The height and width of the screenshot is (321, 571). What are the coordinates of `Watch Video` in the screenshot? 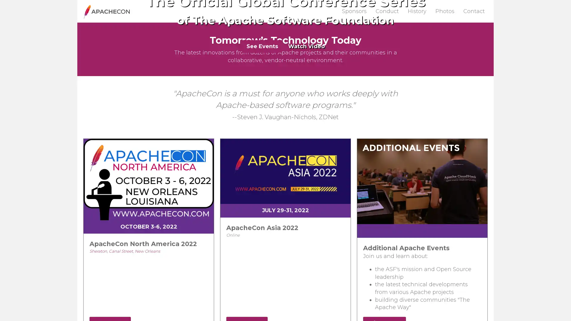 It's located at (306, 123).